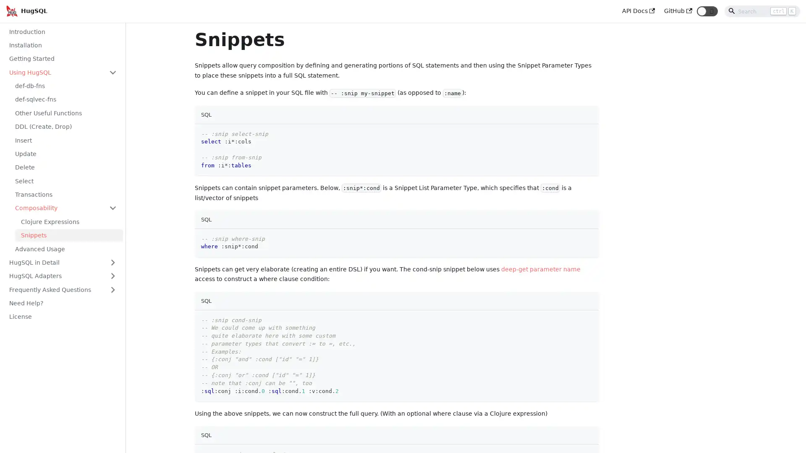 The width and height of the screenshot is (806, 453). I want to click on Copy code to clipboard, so click(585, 318).